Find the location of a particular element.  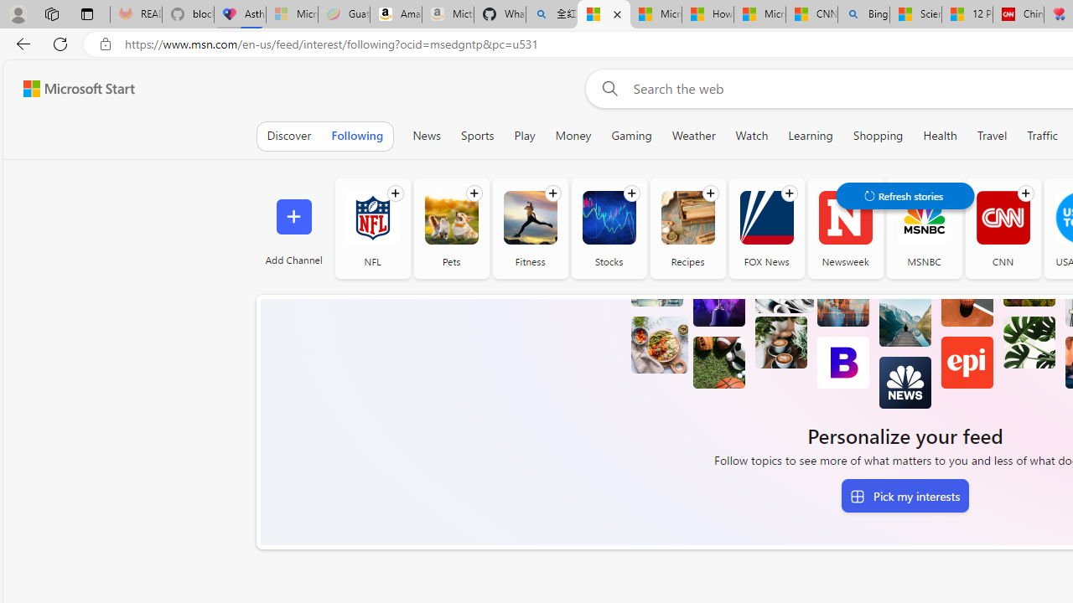

'Learning' is located at coordinates (811, 135).